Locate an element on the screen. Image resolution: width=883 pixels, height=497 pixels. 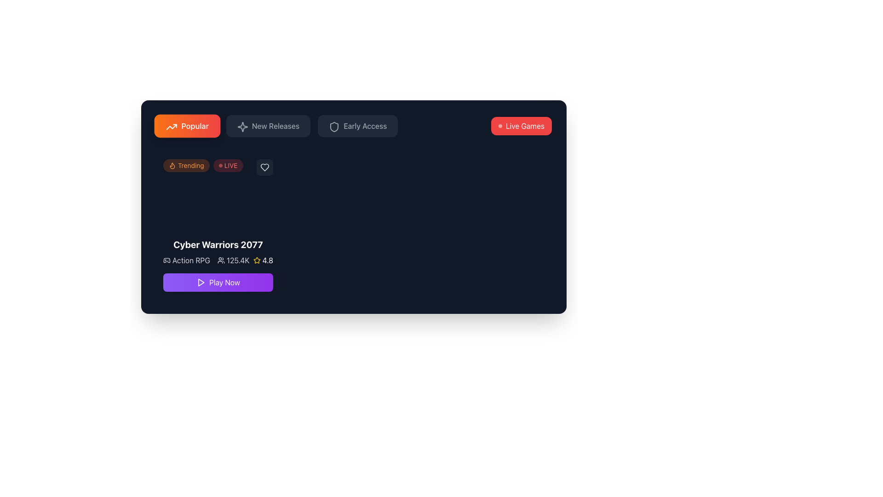
the 'Early Access' button on the navigation bar is located at coordinates (353, 126).